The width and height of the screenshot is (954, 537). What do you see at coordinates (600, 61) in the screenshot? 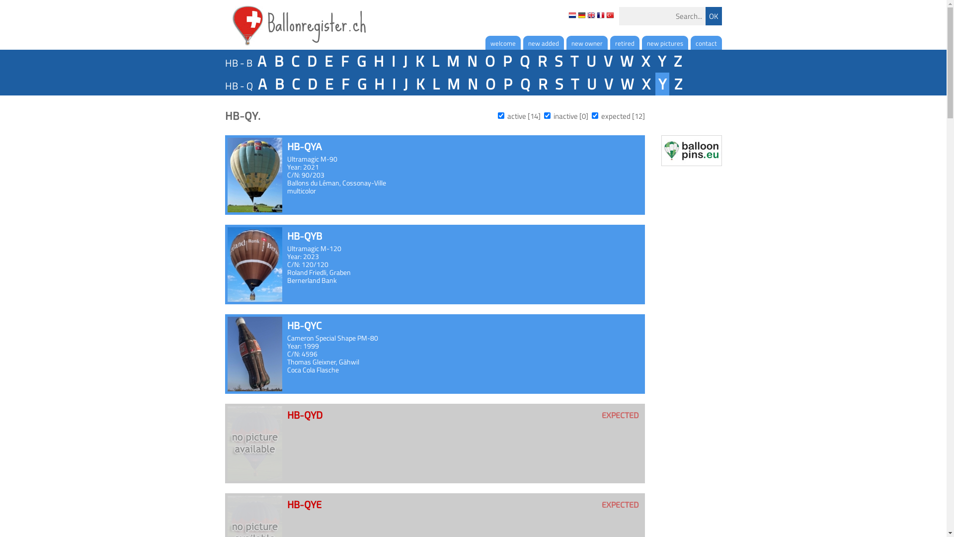
I see `'V'` at bounding box center [600, 61].